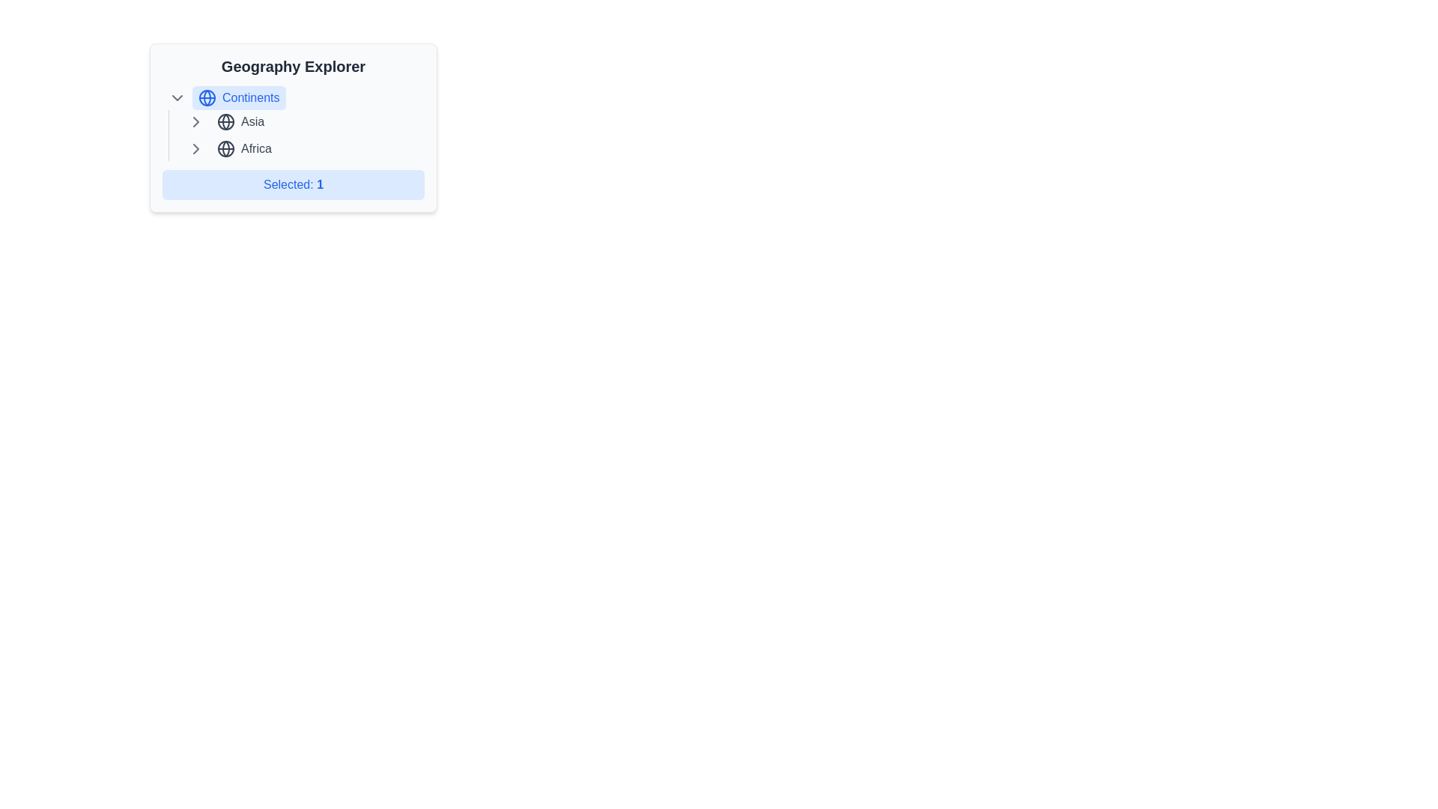 This screenshot has height=809, width=1438. What do you see at coordinates (225, 149) in the screenshot?
I see `the circular globe graphic element in the 'Geography Explorer' interface, located next to the 'Continents' label` at bounding box center [225, 149].